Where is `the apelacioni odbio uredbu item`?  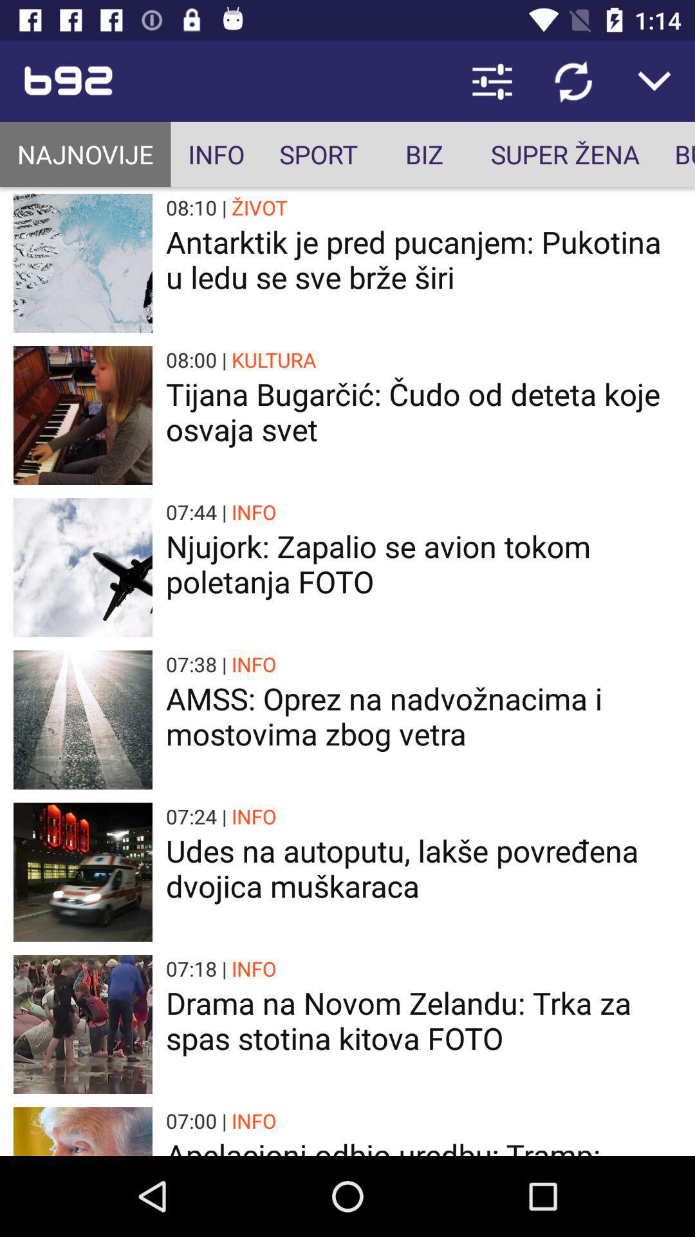 the apelacioni odbio uredbu item is located at coordinates (423, 1145).